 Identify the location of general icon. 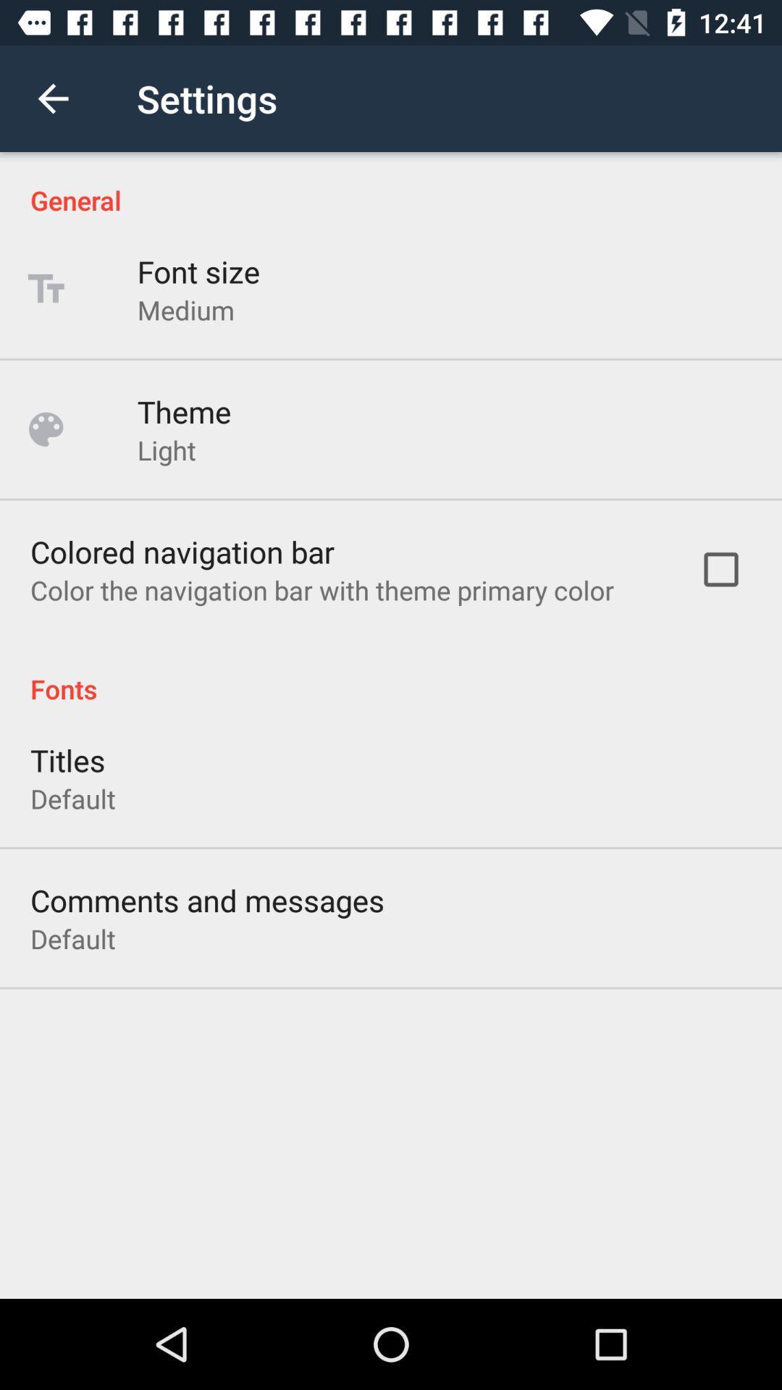
(391, 184).